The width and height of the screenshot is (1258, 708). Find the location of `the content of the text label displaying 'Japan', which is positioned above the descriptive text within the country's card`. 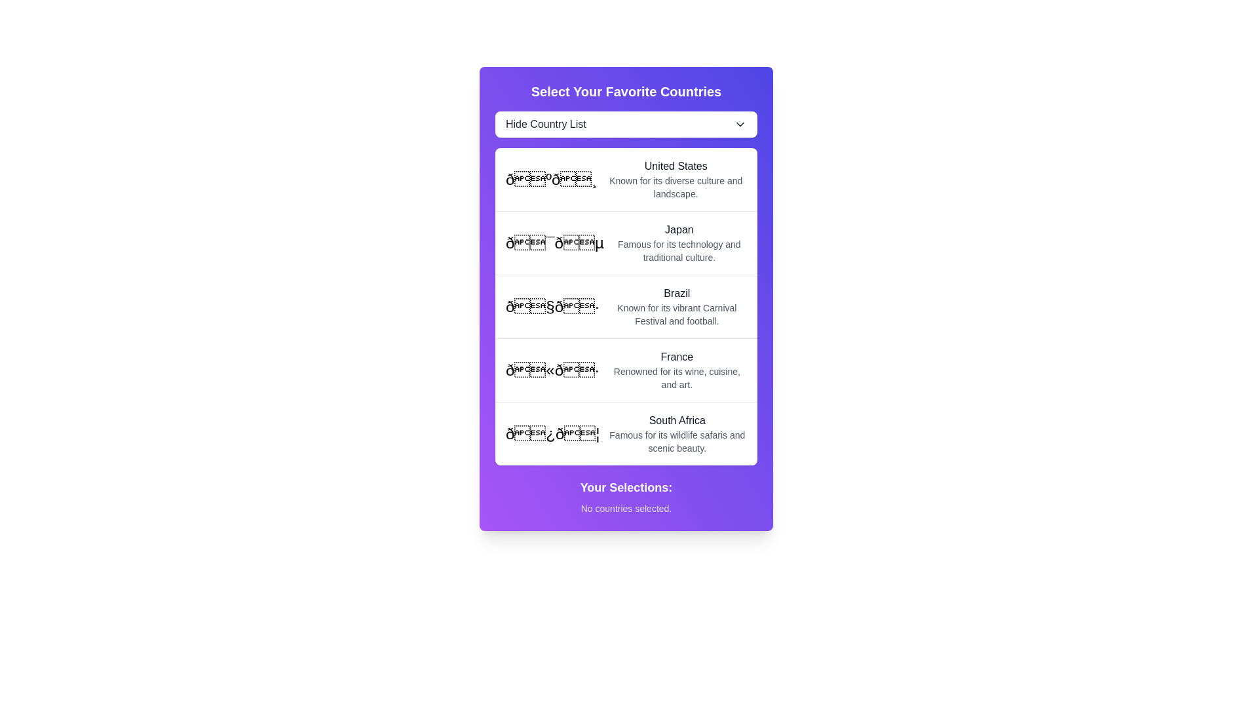

the content of the text label displaying 'Japan', which is positioned above the descriptive text within the country's card is located at coordinates (679, 229).